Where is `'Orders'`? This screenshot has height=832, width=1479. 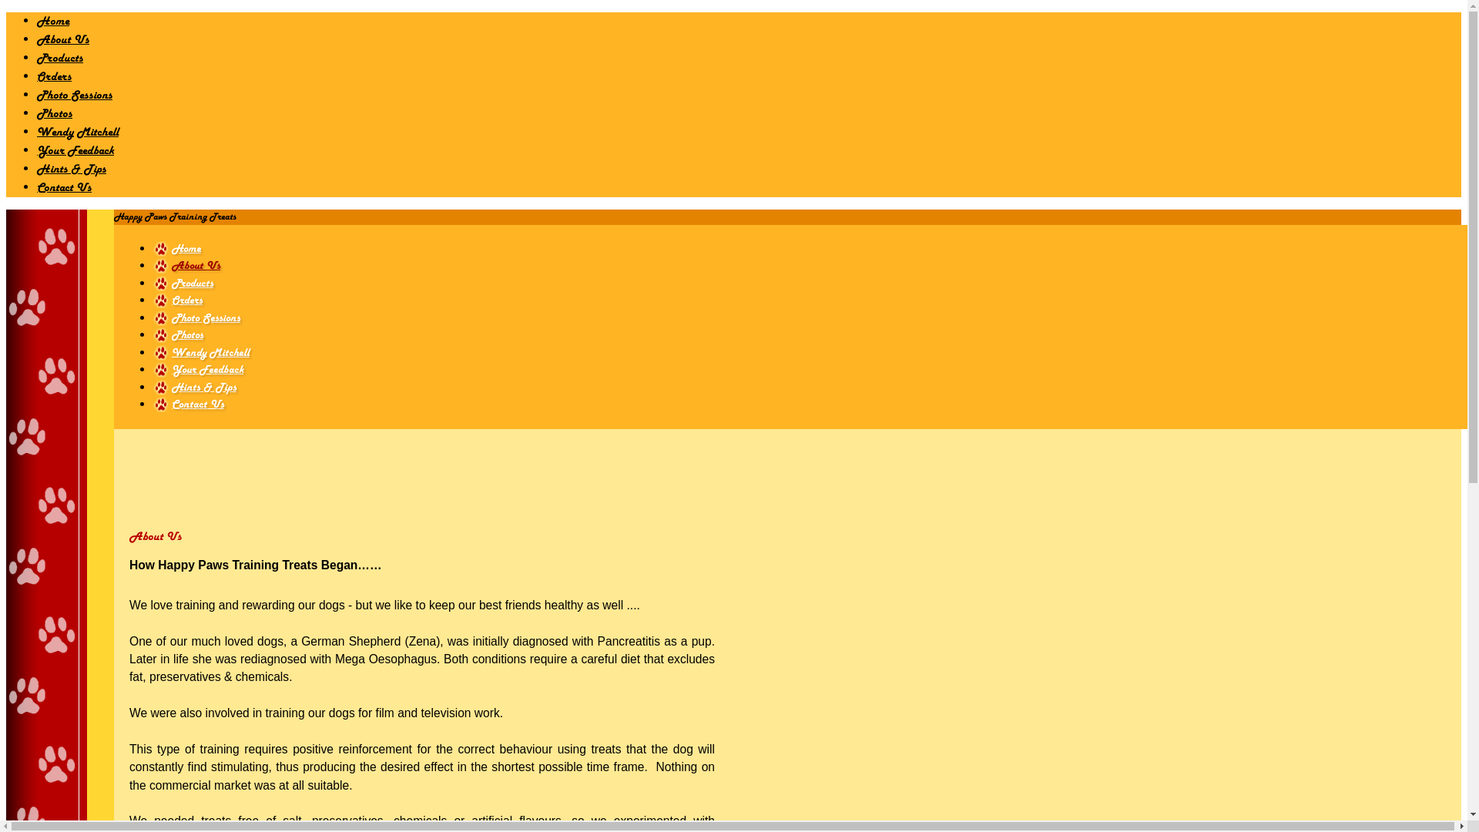
'Orders' is located at coordinates (152, 300).